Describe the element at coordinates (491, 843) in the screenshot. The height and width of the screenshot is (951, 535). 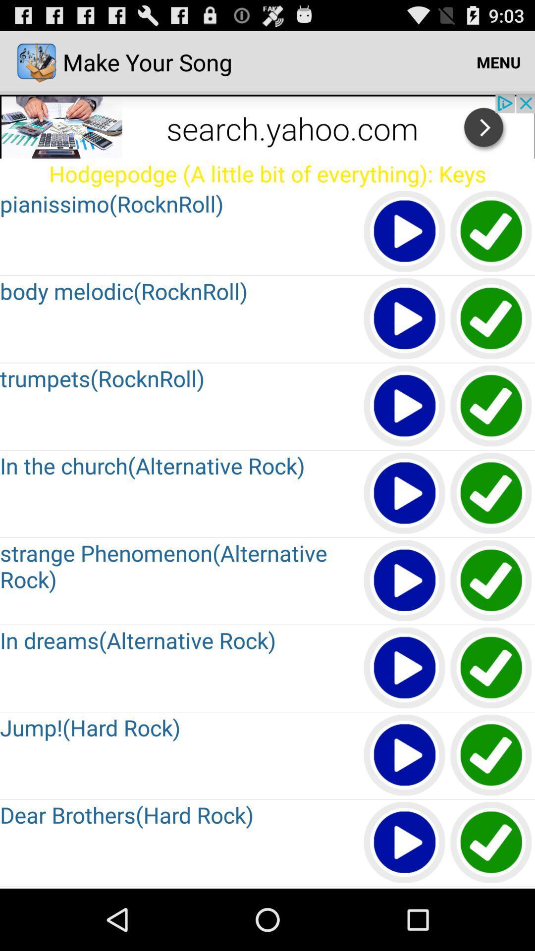
I see `correct button` at that location.